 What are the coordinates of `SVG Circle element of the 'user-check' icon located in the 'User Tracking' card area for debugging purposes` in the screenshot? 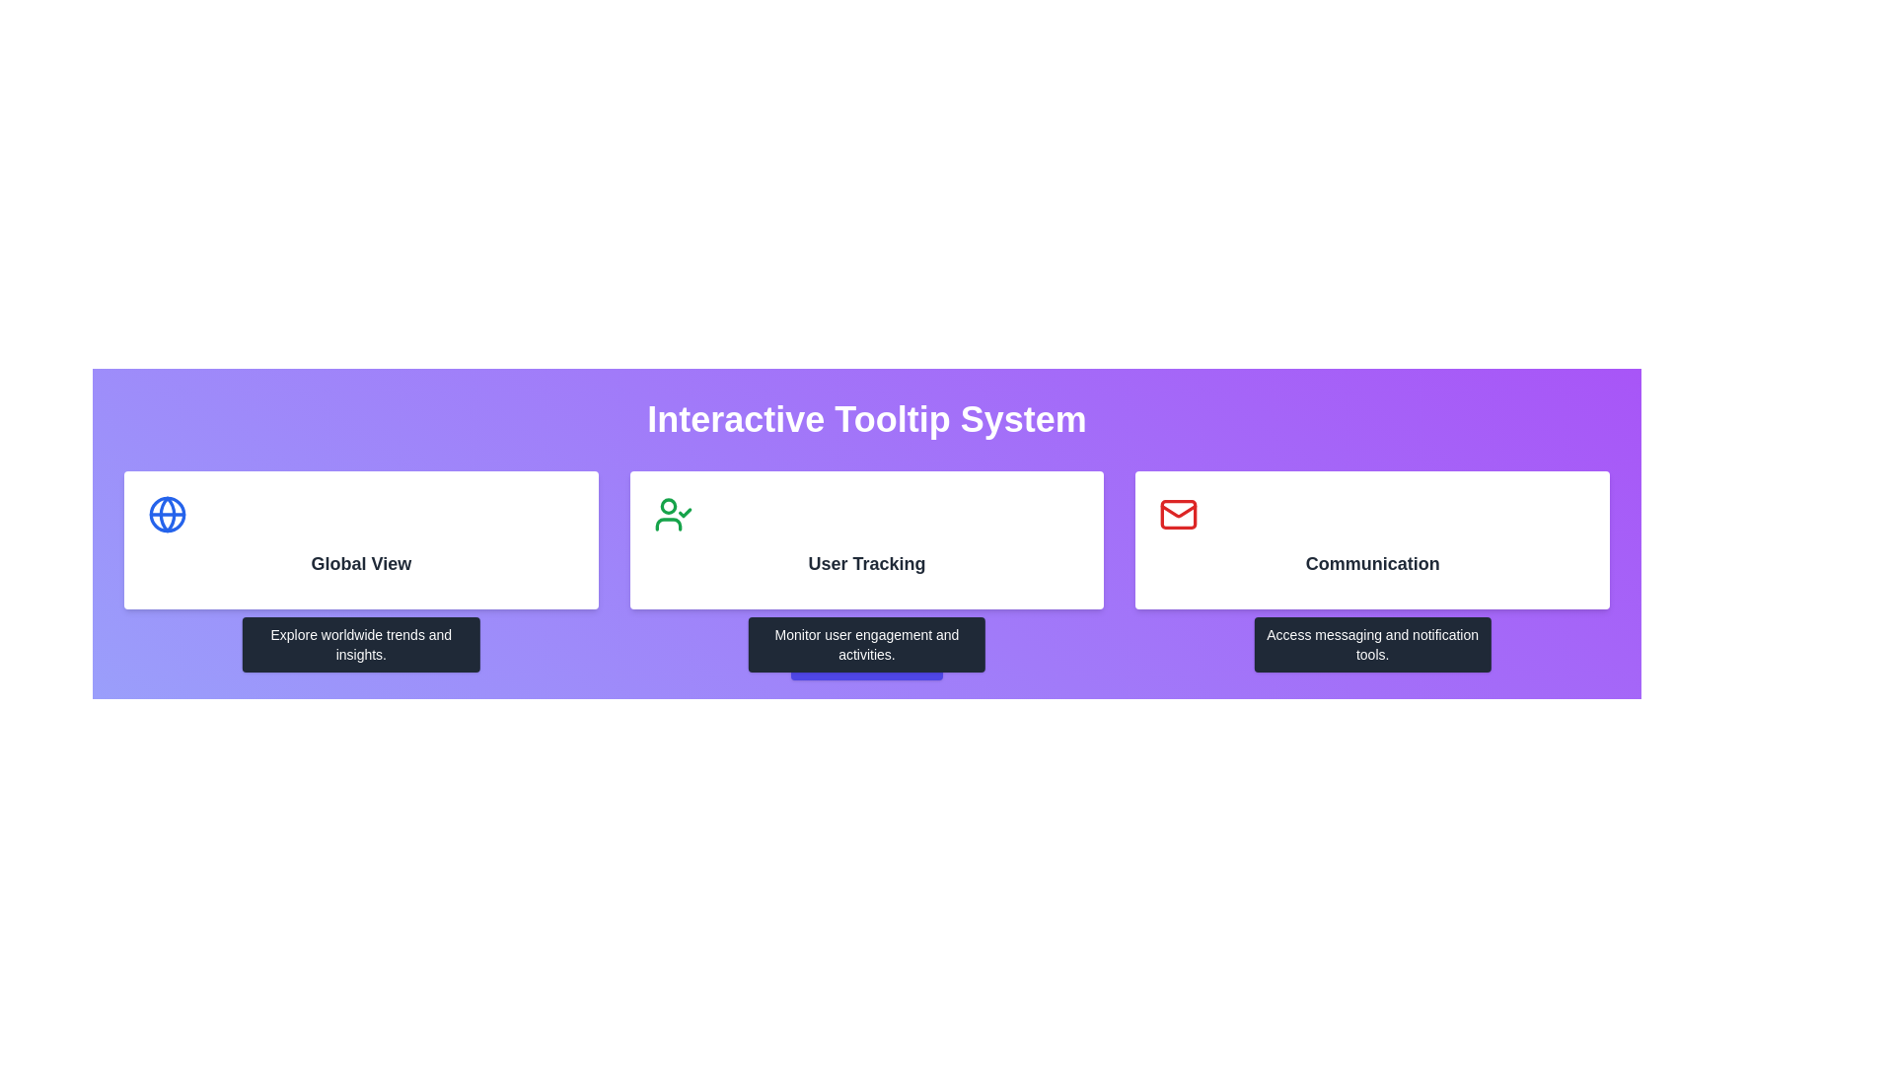 It's located at (668, 505).